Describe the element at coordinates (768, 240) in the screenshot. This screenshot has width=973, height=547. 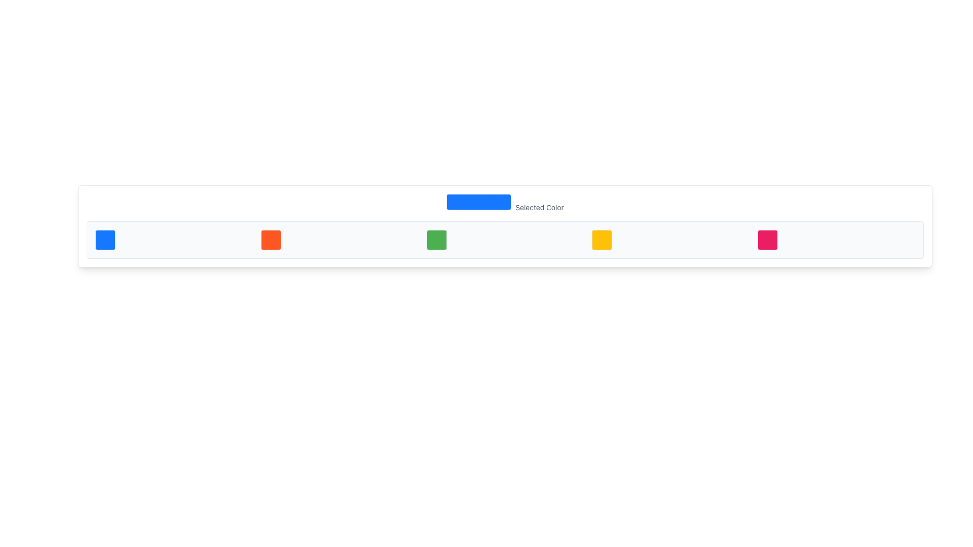
I see `the vibrant pink Color selection button located at the far right of the row beneath the 'Selected Color' blue square` at that location.